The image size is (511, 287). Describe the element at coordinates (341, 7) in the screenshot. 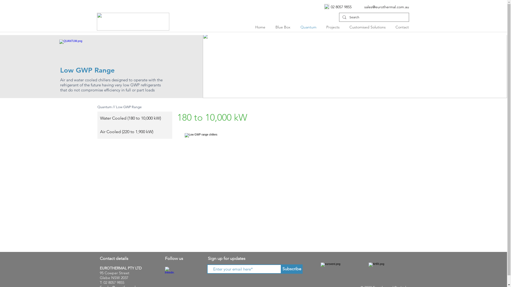

I see `'02 8057 9855'` at that location.